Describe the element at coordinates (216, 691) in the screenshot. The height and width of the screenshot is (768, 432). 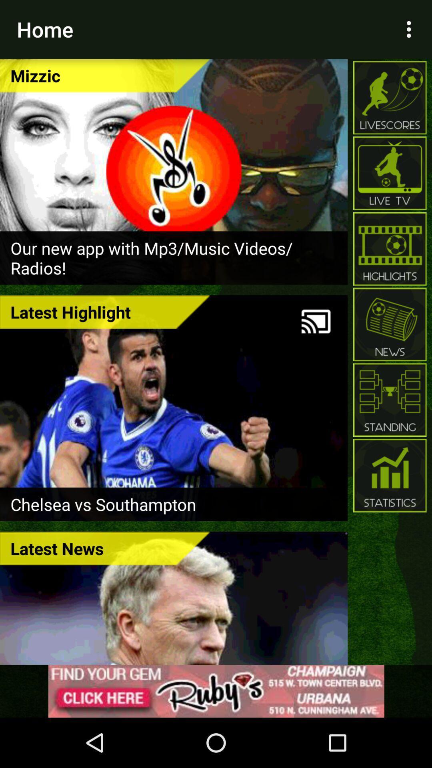
I see `click advertisement` at that location.